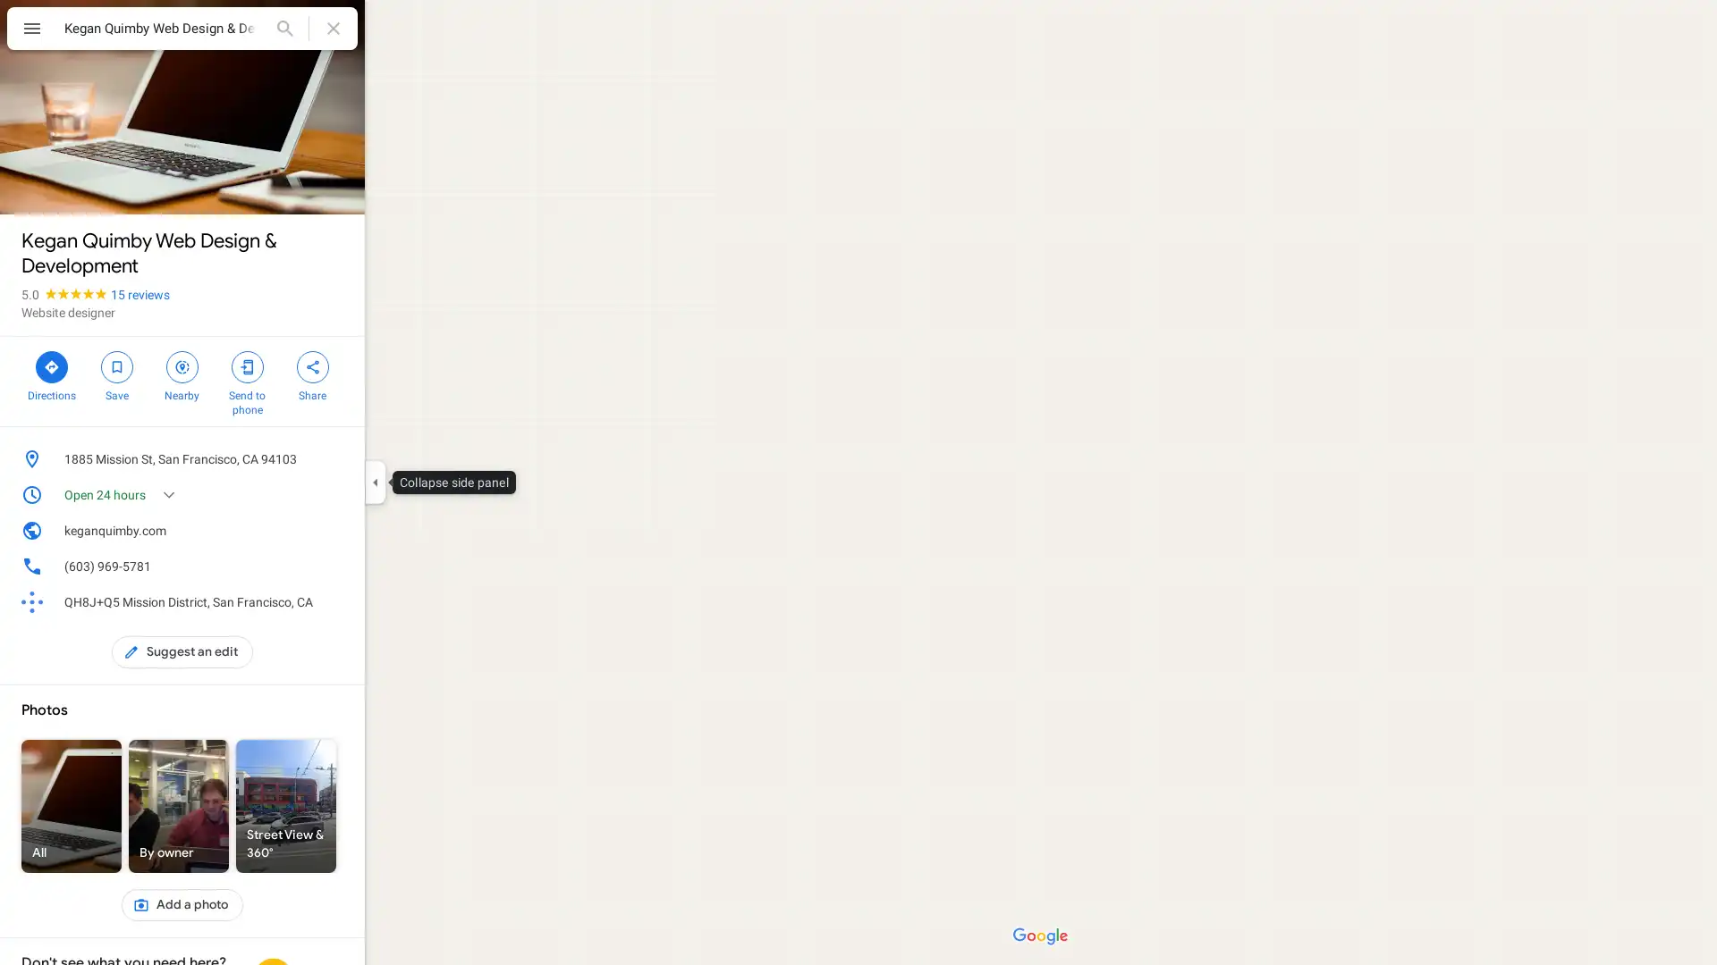 The width and height of the screenshot is (1717, 965). Describe the element at coordinates (31, 30) in the screenshot. I see `Menu` at that location.